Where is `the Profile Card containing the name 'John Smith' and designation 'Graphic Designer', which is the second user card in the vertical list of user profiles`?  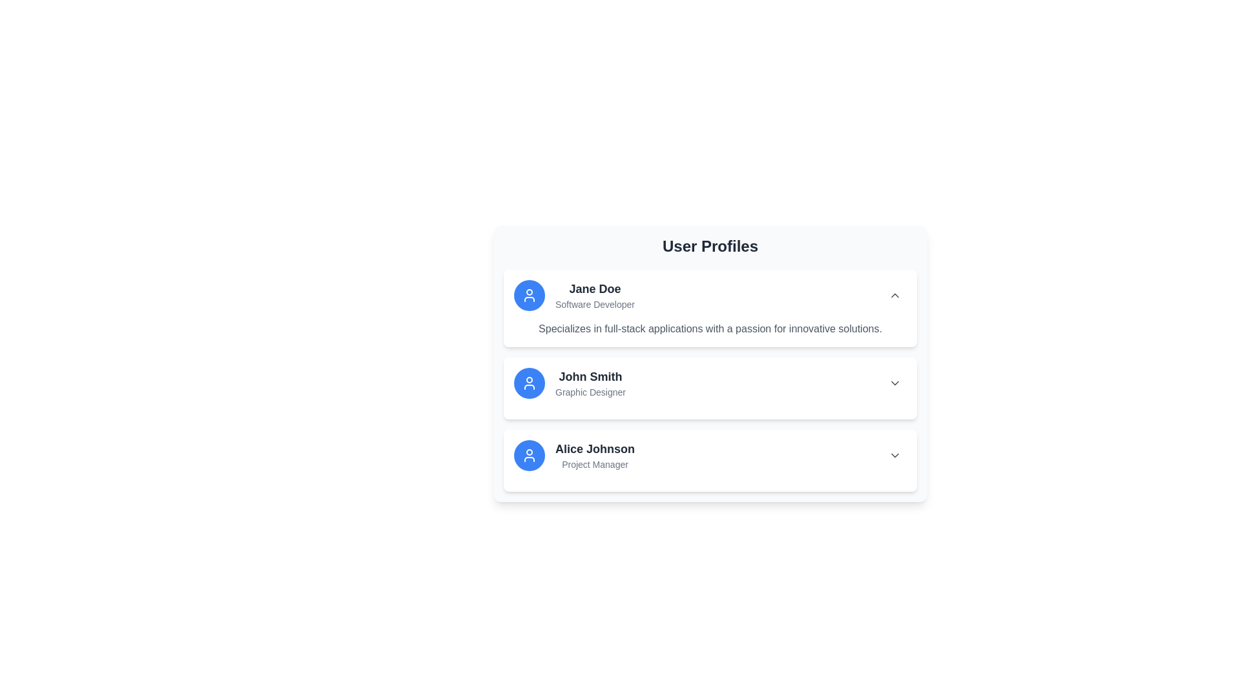
the Profile Card containing the name 'John Smith' and designation 'Graphic Designer', which is the second user card in the vertical list of user profiles is located at coordinates (709, 363).